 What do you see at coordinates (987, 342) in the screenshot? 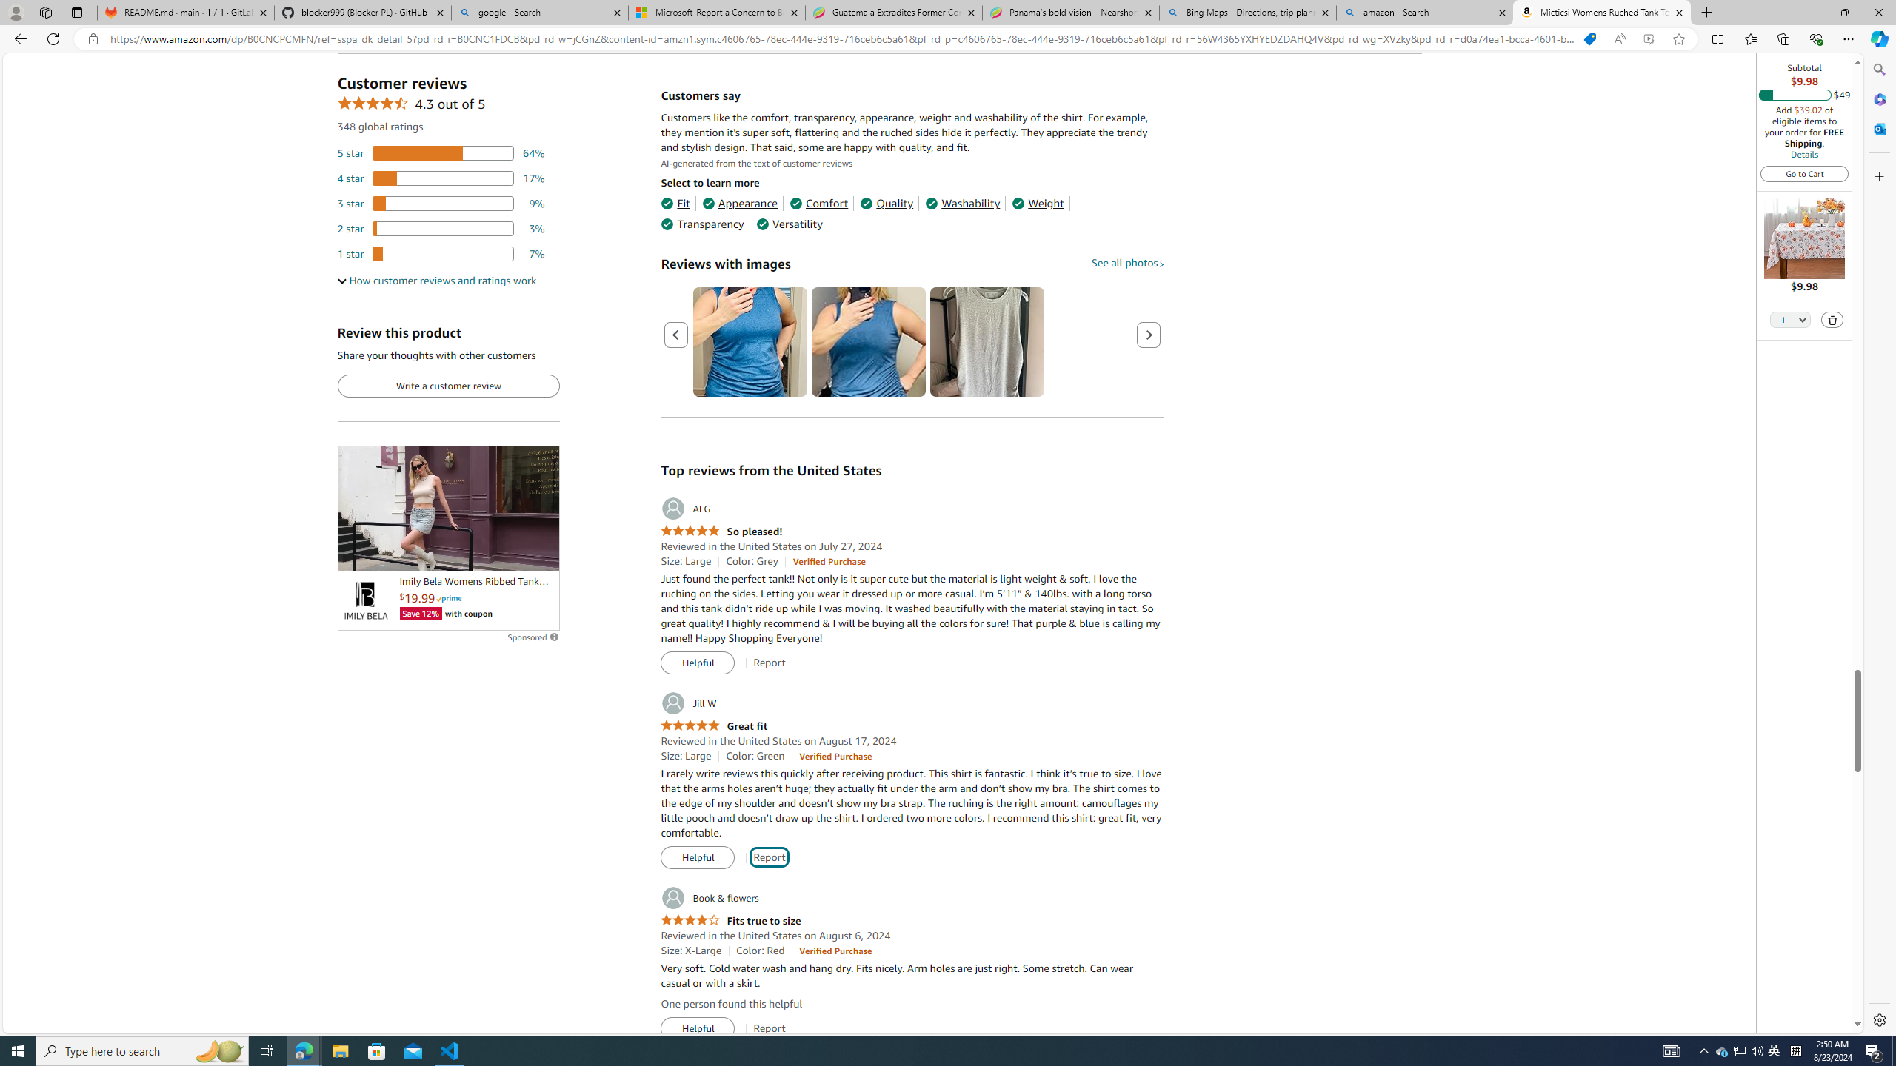
I see `'Customer Image'` at bounding box center [987, 342].